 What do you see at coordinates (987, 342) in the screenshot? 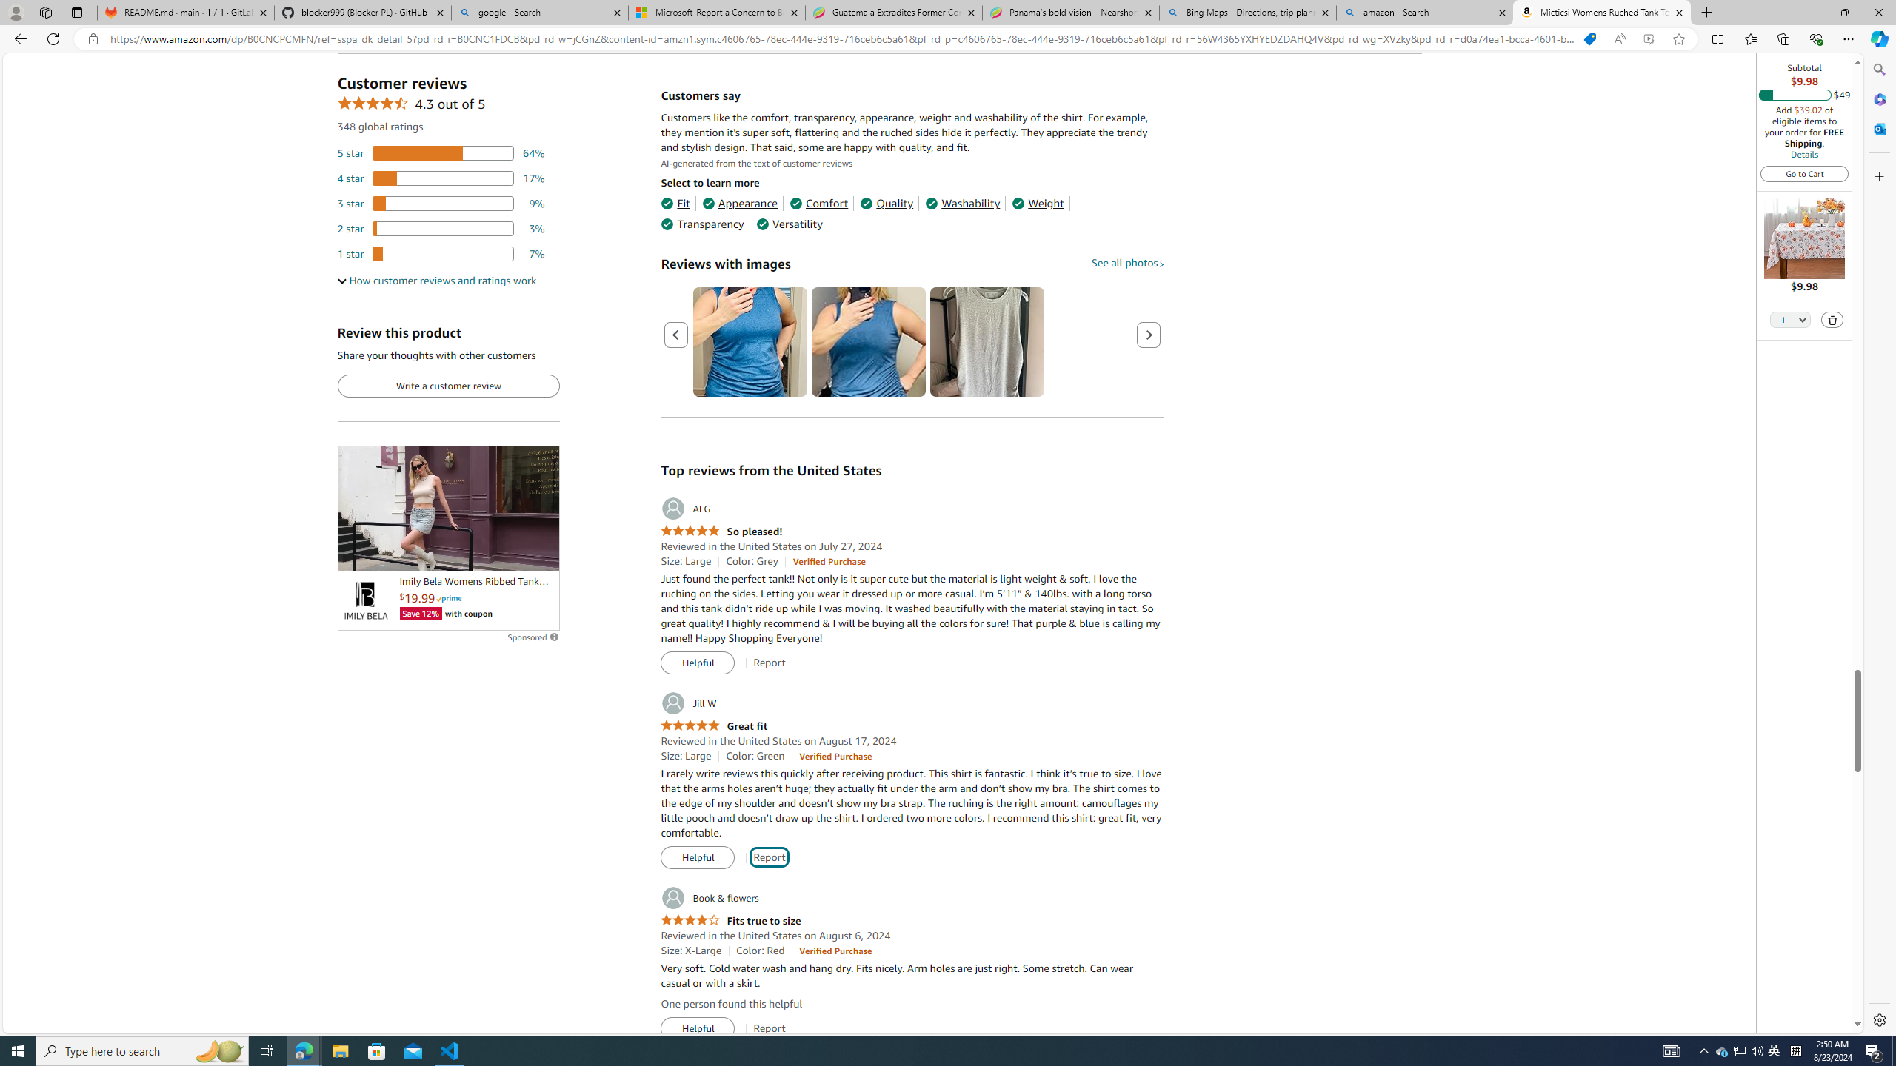
I see `'Customer Image'` at bounding box center [987, 342].